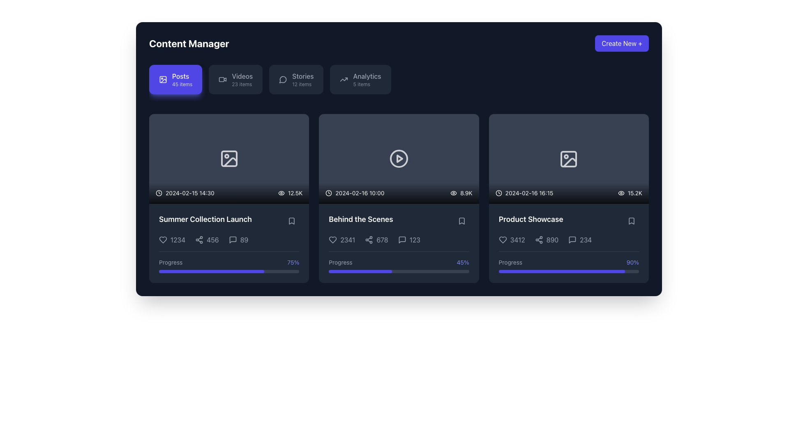 This screenshot has height=443, width=789. What do you see at coordinates (232, 240) in the screenshot?
I see `the small speech bubble icon outlined in grey, located next to the number '89'` at bounding box center [232, 240].